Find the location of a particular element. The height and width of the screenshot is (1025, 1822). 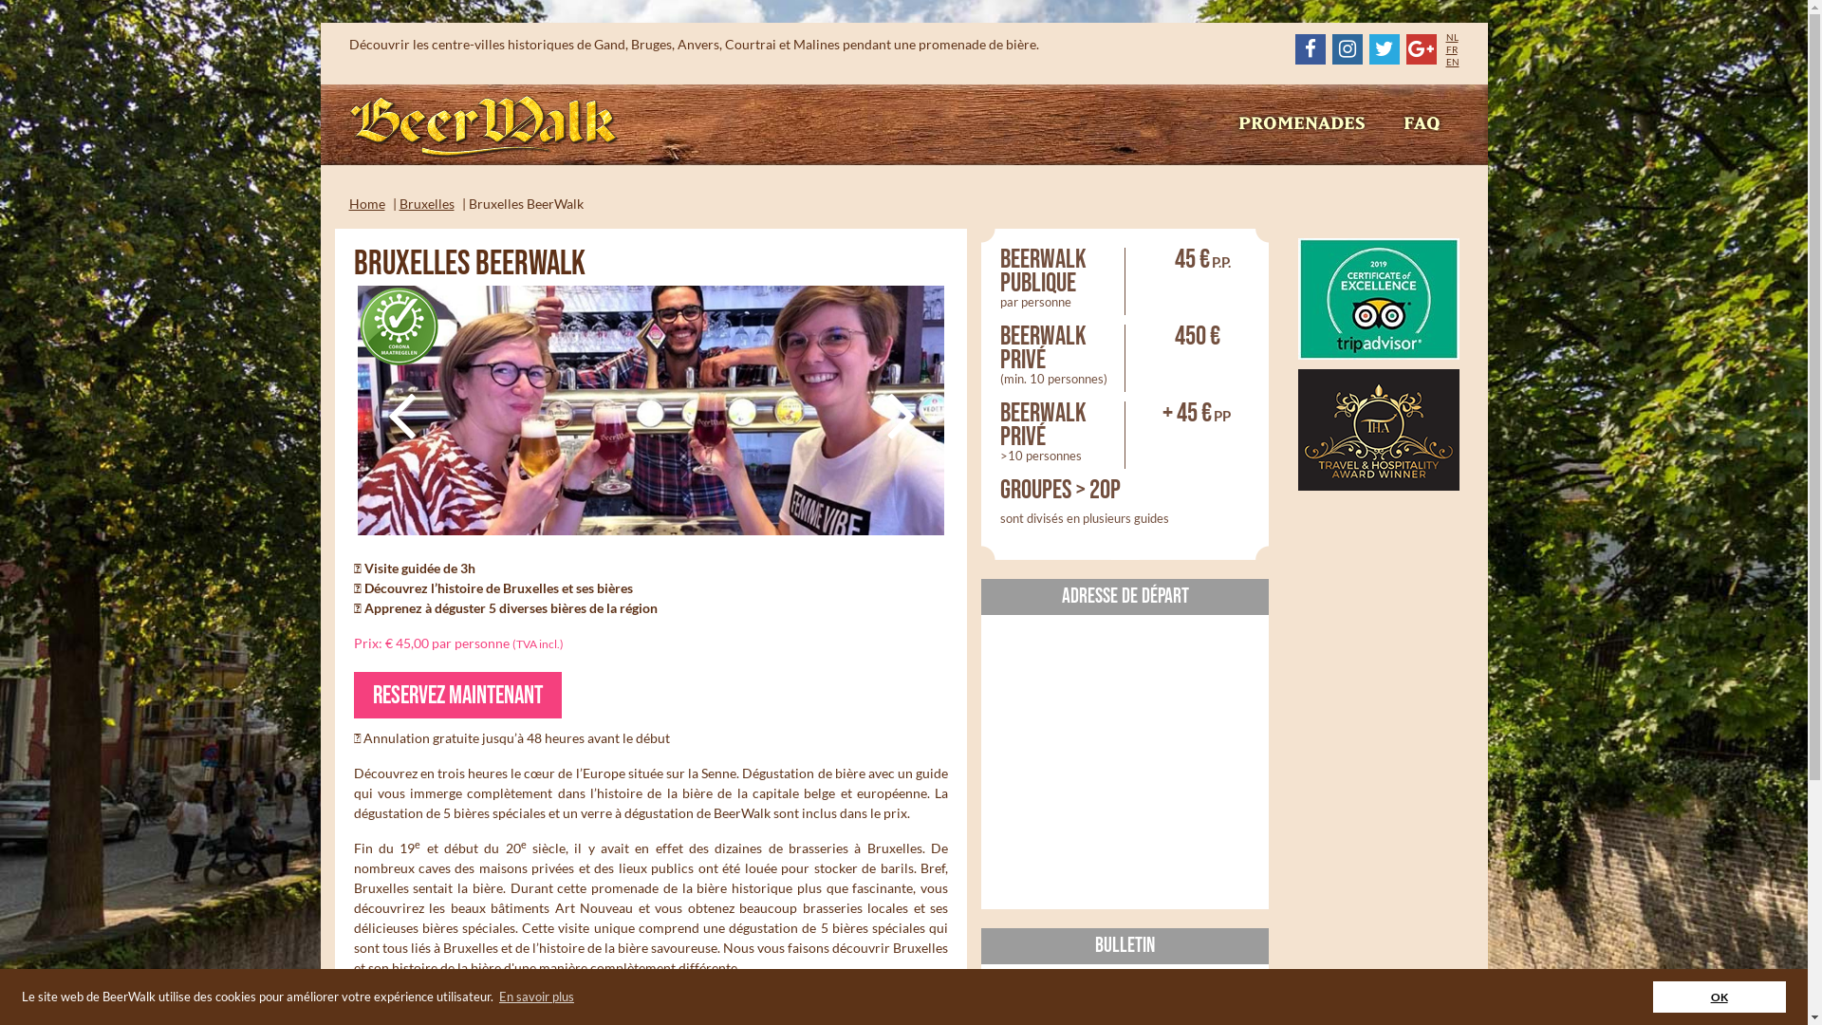

'OK' is located at coordinates (1720, 996).